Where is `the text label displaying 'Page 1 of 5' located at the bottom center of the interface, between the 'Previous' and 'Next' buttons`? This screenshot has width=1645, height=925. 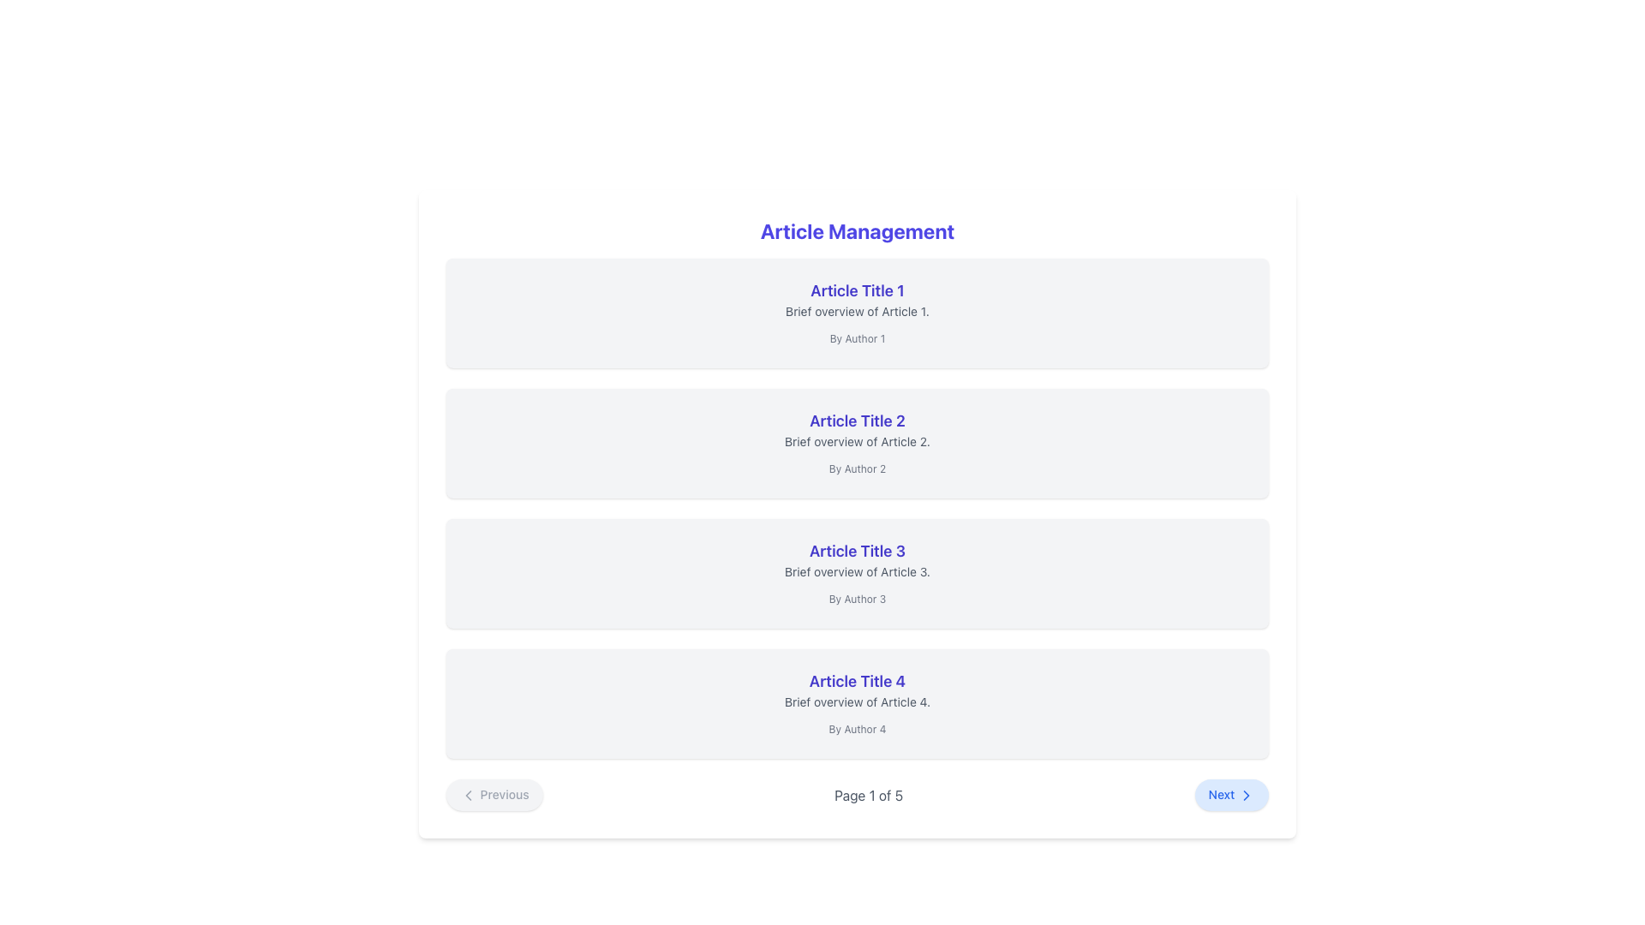 the text label displaying 'Page 1 of 5' located at the bottom center of the interface, between the 'Previous' and 'Next' buttons is located at coordinates (869, 795).